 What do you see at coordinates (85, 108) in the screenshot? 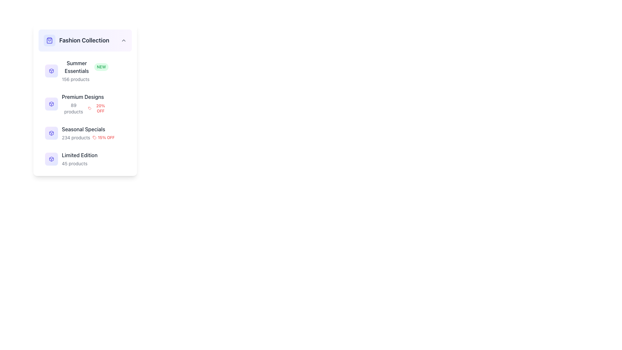
I see `informational text block that displays the number of products and the discount percentage available under the 'Premium Designs' category, located below the 'Premium Designs' header` at bounding box center [85, 108].